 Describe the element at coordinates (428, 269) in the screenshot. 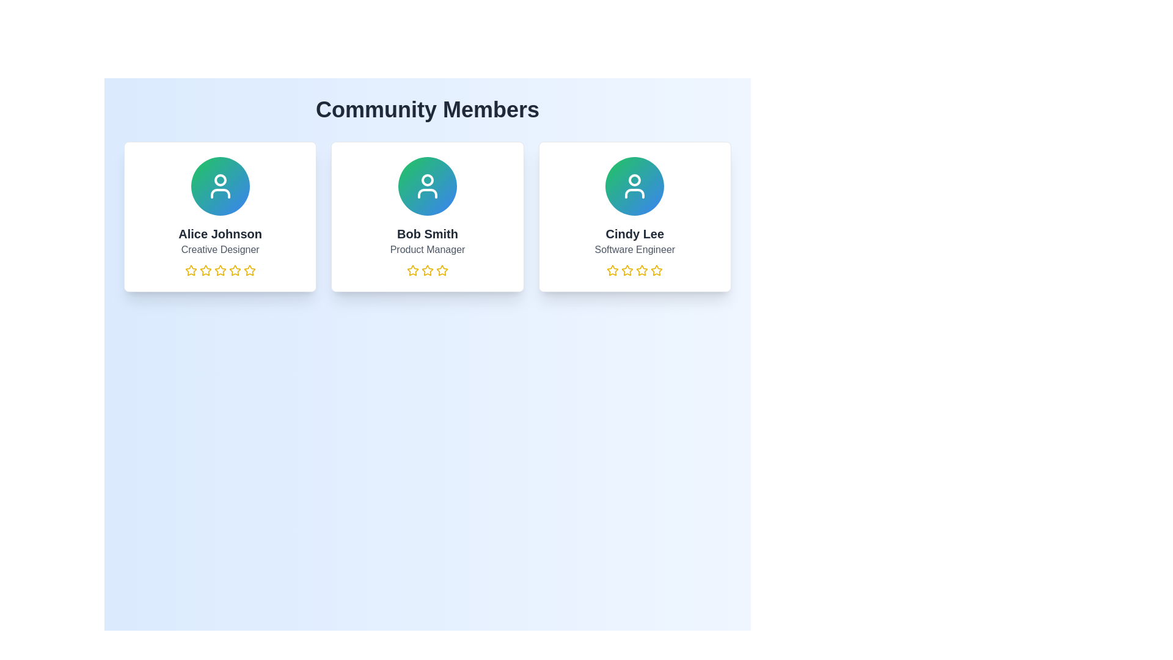

I see `the second star icon in the rating component of the 'Bob Smith' card` at that location.